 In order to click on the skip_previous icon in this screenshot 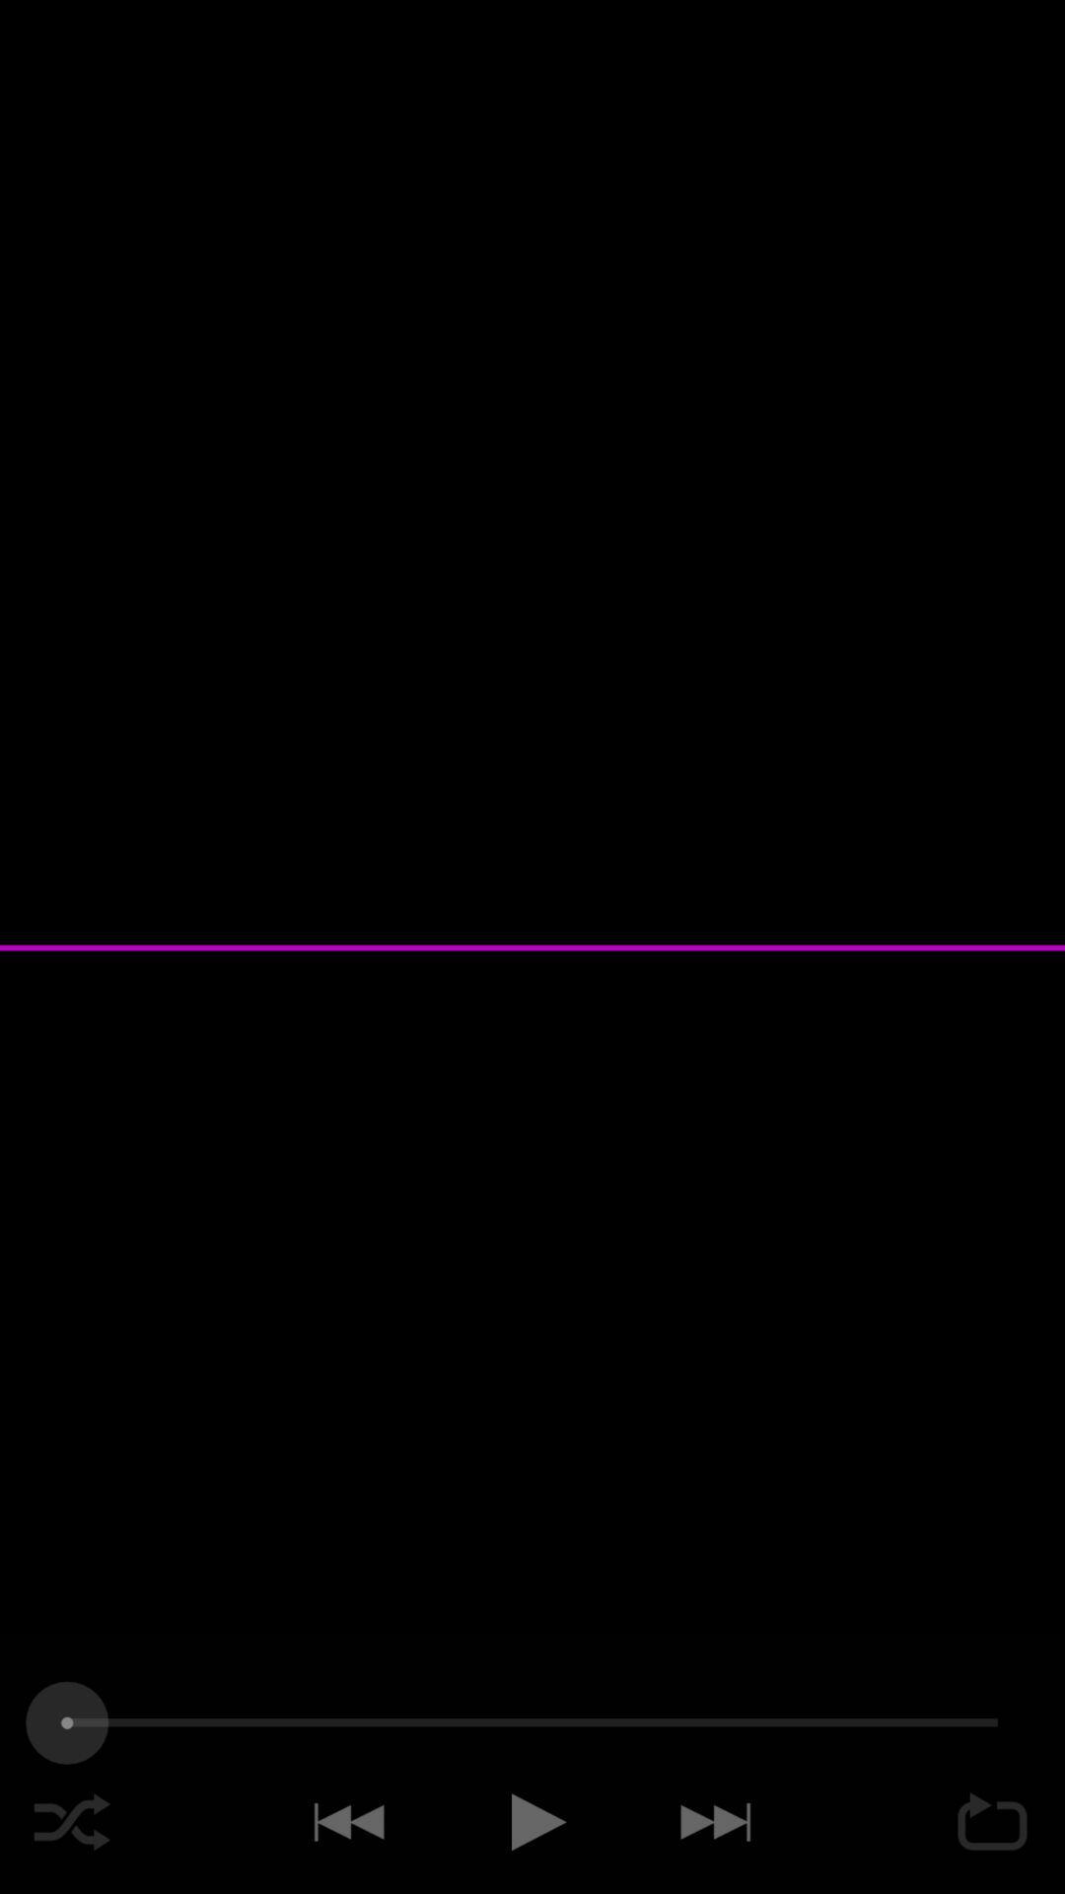, I will do `click(344, 1821)`.